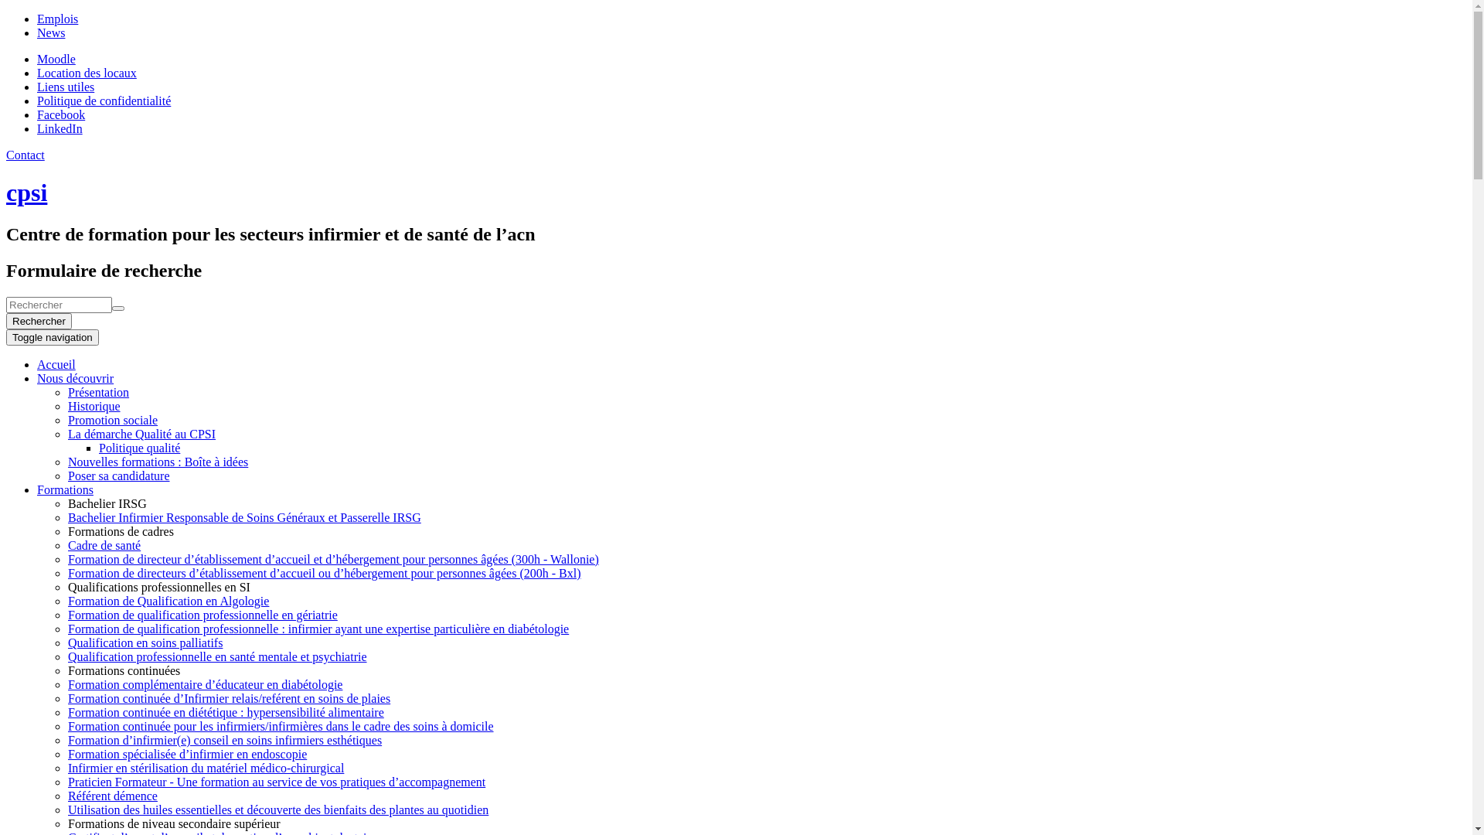  I want to click on 'Liens utiles', so click(65, 87).